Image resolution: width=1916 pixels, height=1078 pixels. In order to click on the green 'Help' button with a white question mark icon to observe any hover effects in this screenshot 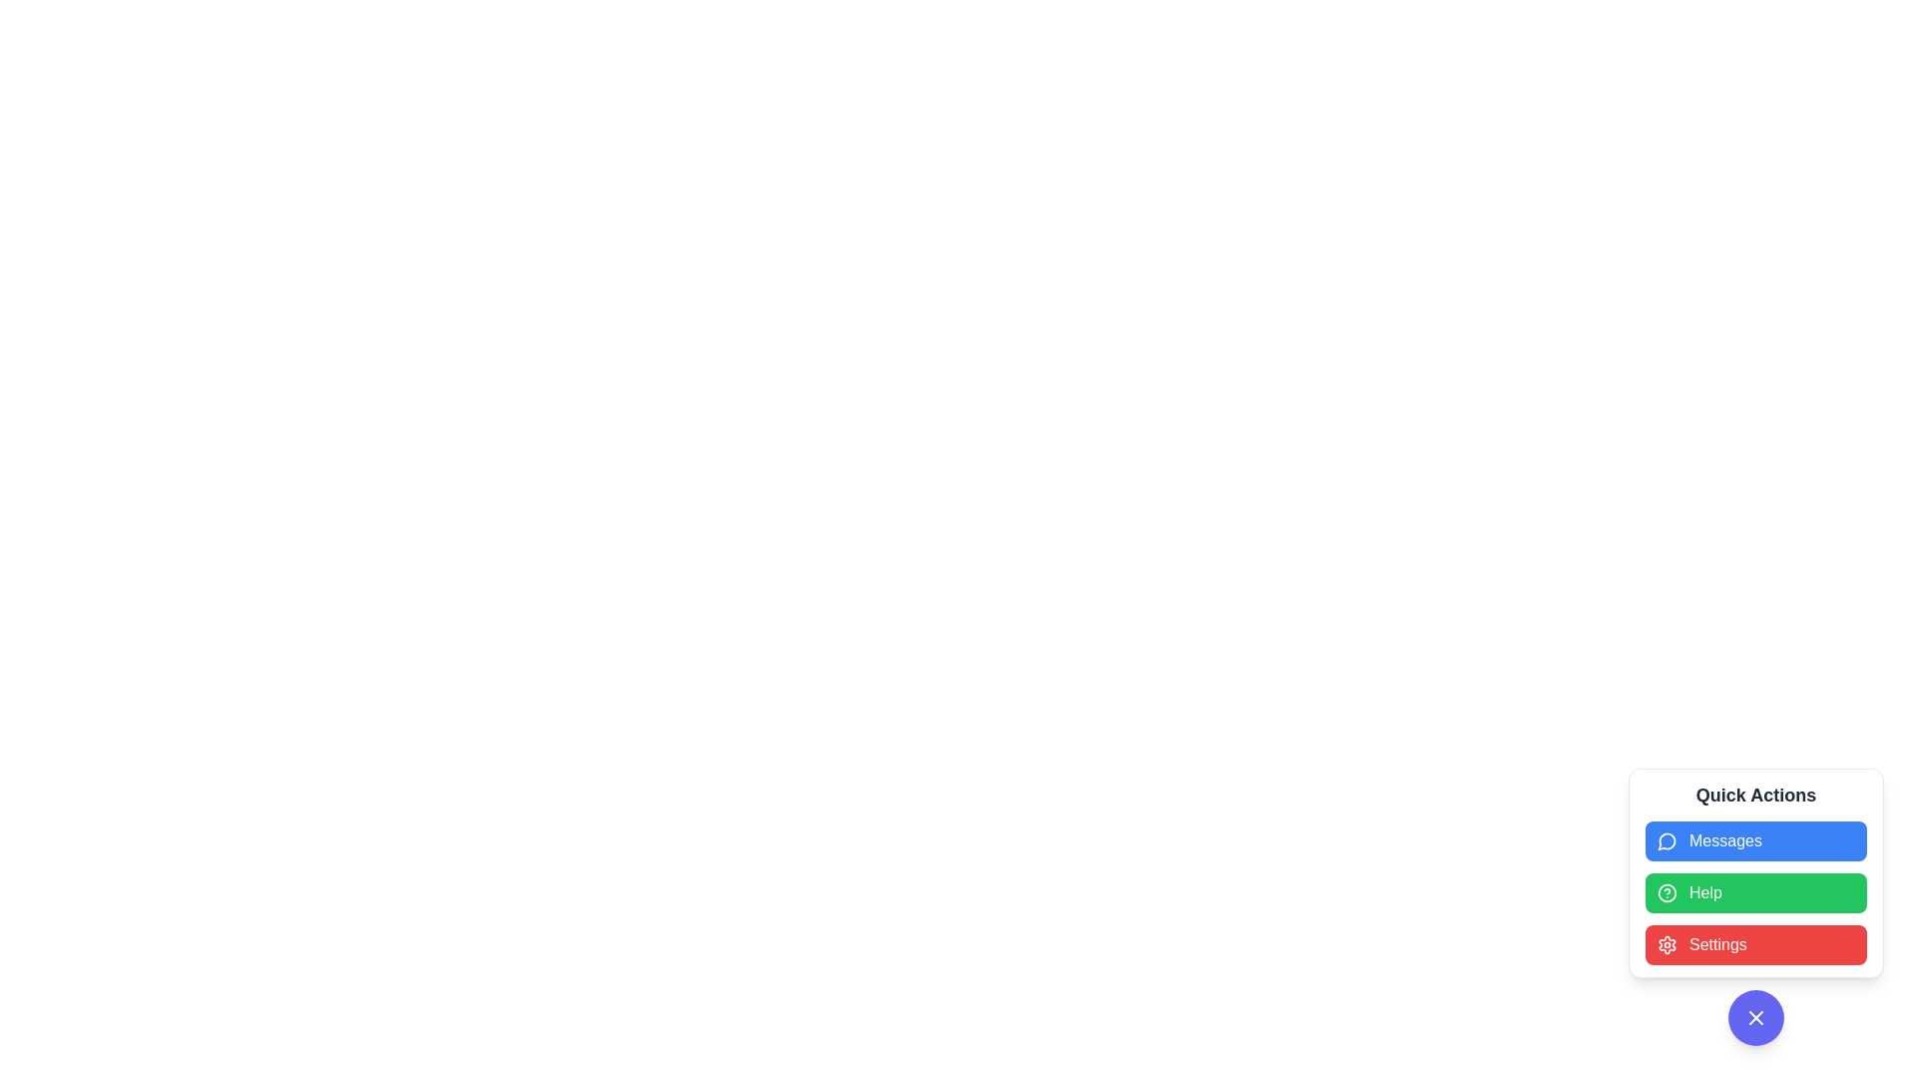, I will do `click(1756, 872)`.